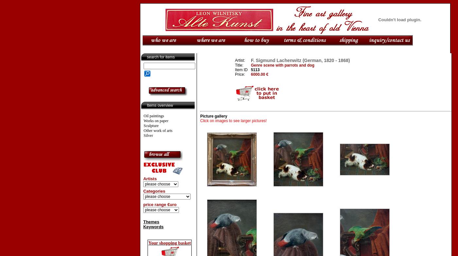 This screenshot has width=458, height=256. What do you see at coordinates (282, 65) in the screenshot?
I see `'Genre scene with parrots and dog'` at bounding box center [282, 65].